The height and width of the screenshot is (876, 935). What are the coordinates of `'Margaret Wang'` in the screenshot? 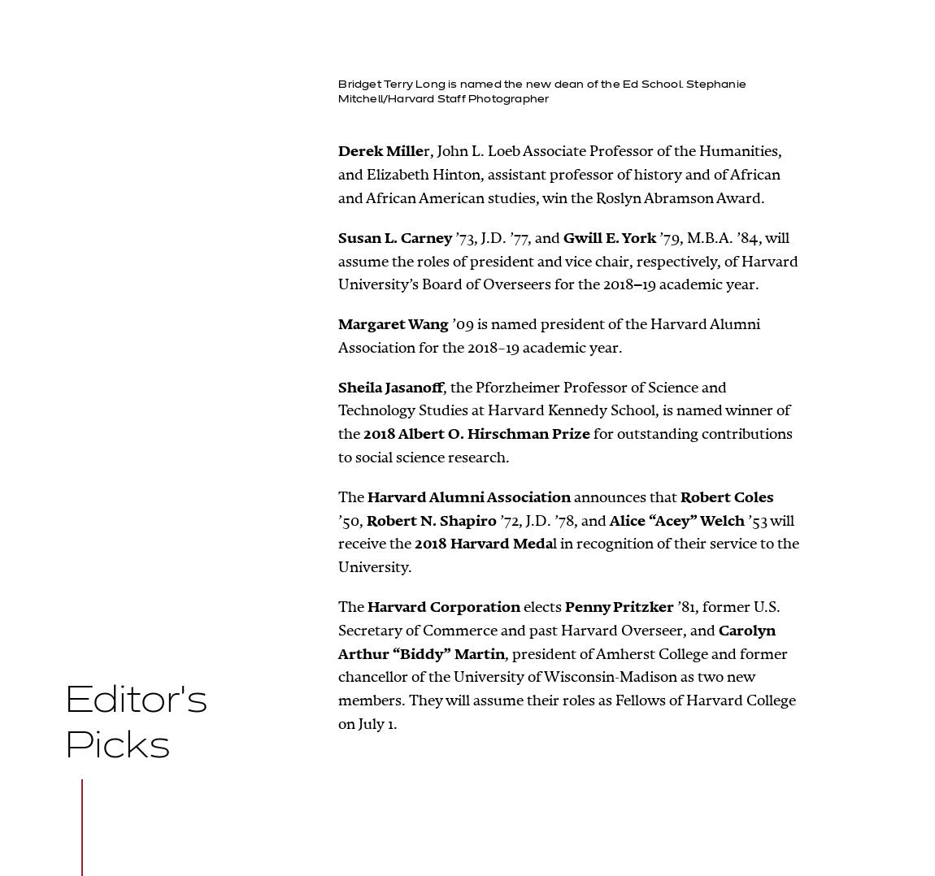 It's located at (394, 323).